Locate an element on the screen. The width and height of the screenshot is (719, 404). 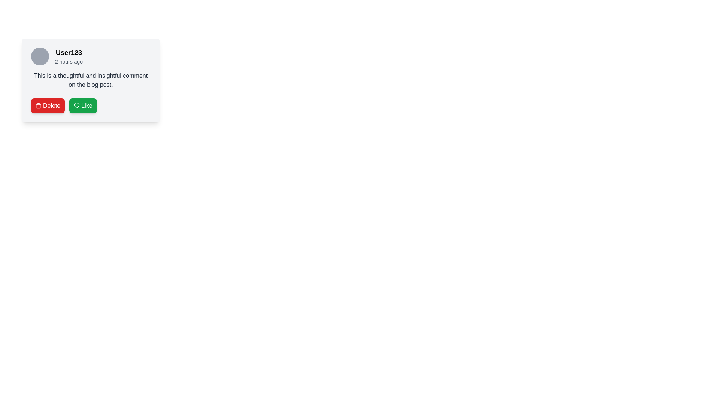
the heart-shaped icon within the 'Like' button located on the bottom-right side of a user comment card is located at coordinates (77, 105).